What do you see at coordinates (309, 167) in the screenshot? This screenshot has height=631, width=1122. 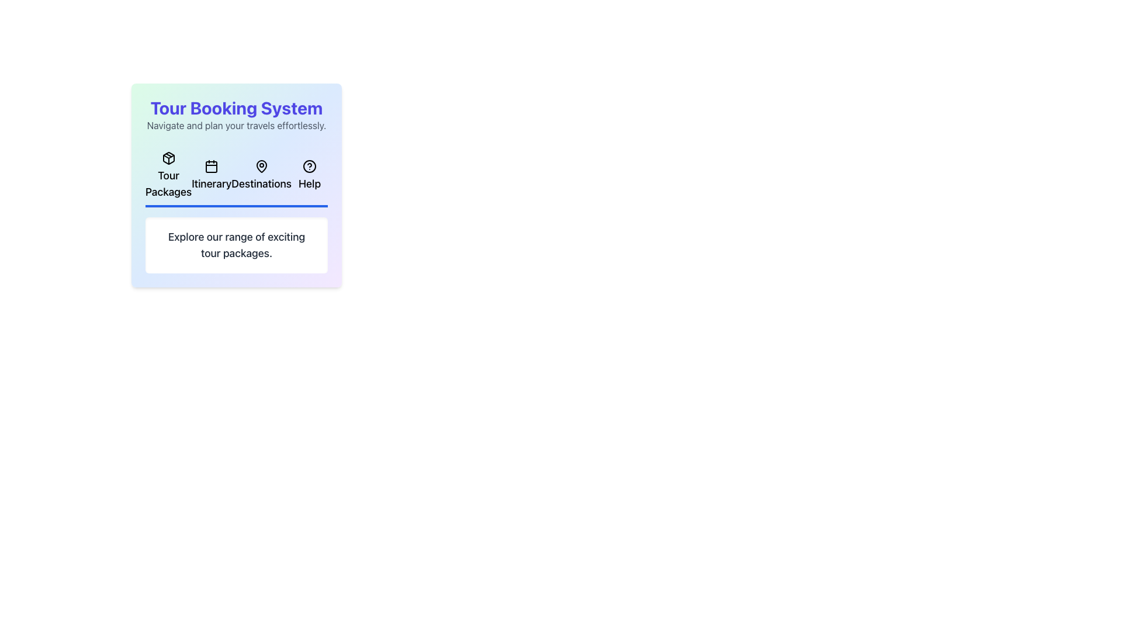 I see `the circular help icon featuring a question mark, located in the top section of the interface to the far-right, above the Help label` at bounding box center [309, 167].